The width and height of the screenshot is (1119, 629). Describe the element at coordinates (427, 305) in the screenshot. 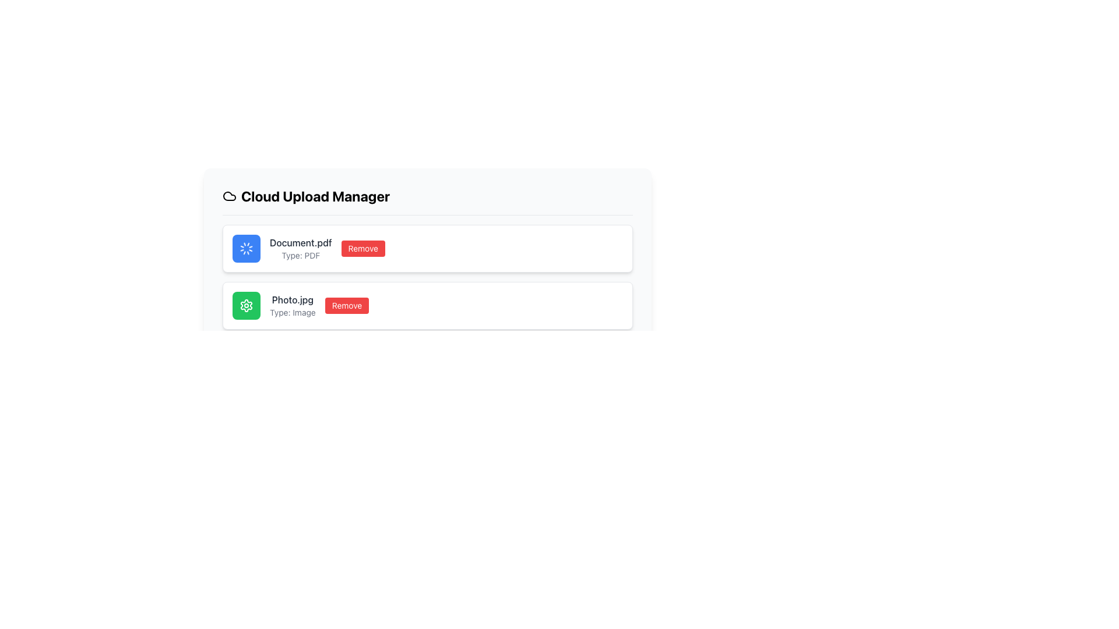

I see `displayed information of the second file listing entry in the file manager interface, which is an uploaded image file located between a blue-highlighted PDF item and a red-highlighted PPTX item` at that location.